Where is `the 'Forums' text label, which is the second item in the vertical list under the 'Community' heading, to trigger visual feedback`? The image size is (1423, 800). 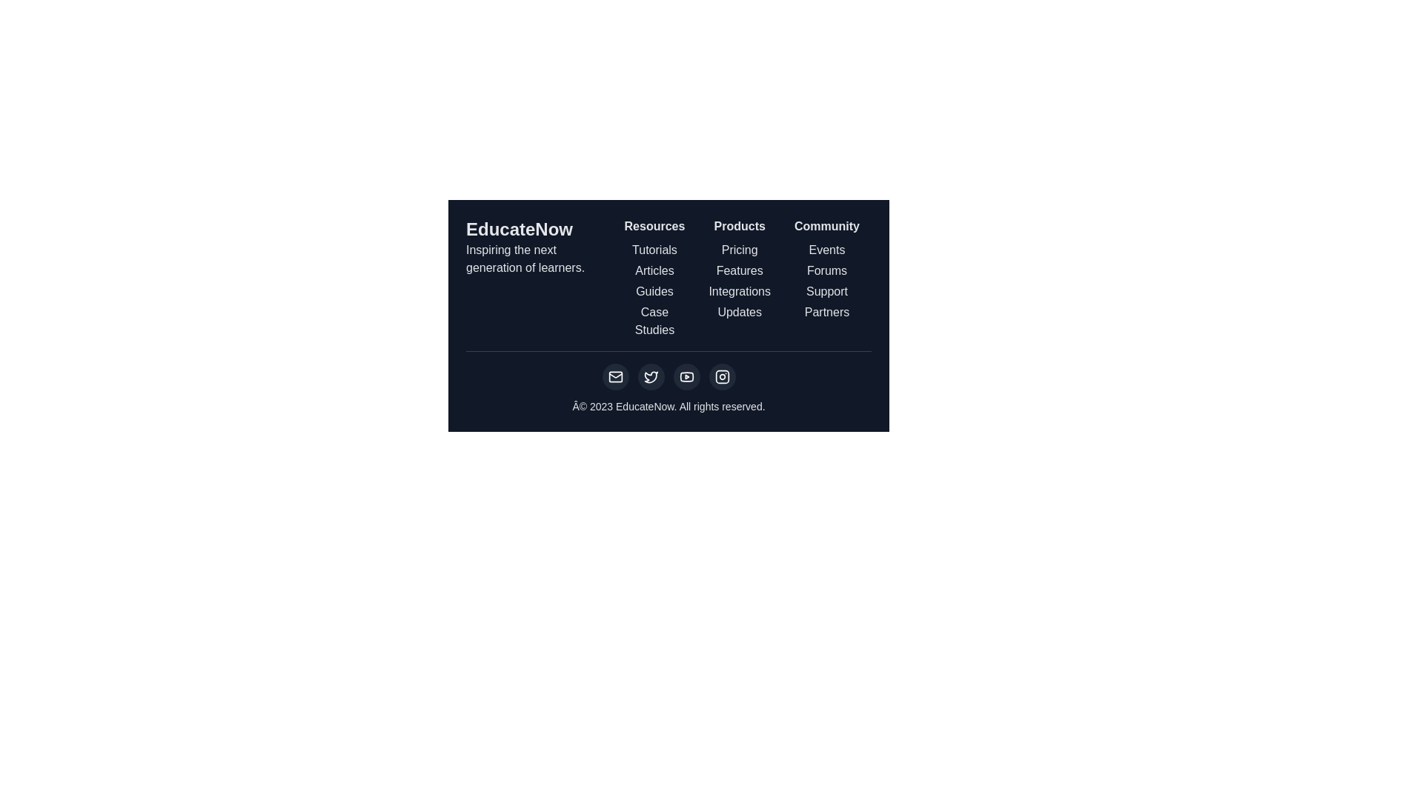 the 'Forums' text label, which is the second item in the vertical list under the 'Community' heading, to trigger visual feedback is located at coordinates (826, 271).